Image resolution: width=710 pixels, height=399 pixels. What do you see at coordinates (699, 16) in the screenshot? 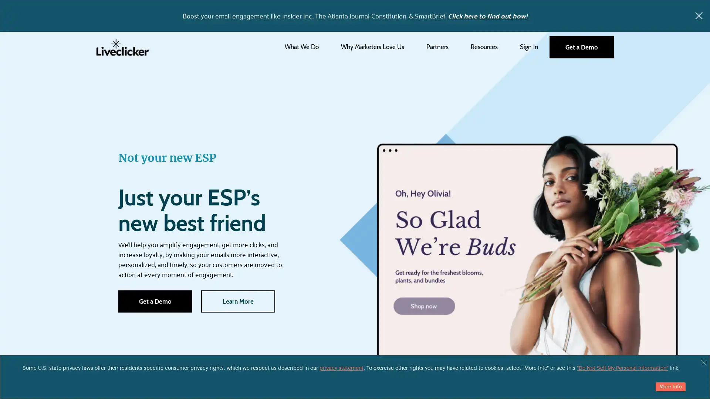
I see `x` at bounding box center [699, 16].